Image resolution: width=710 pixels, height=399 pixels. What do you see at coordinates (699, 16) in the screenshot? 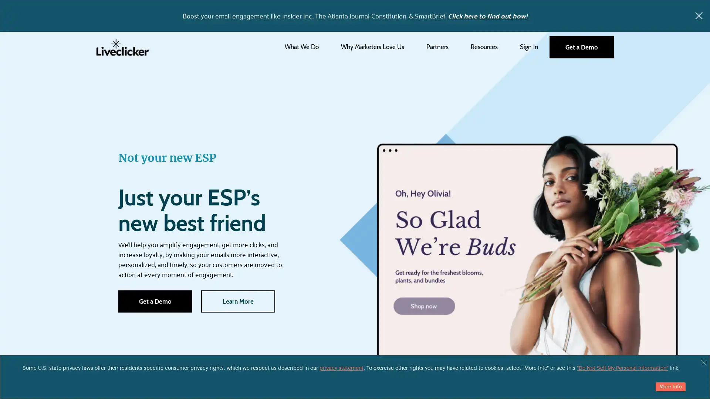
I see `x` at bounding box center [699, 16].